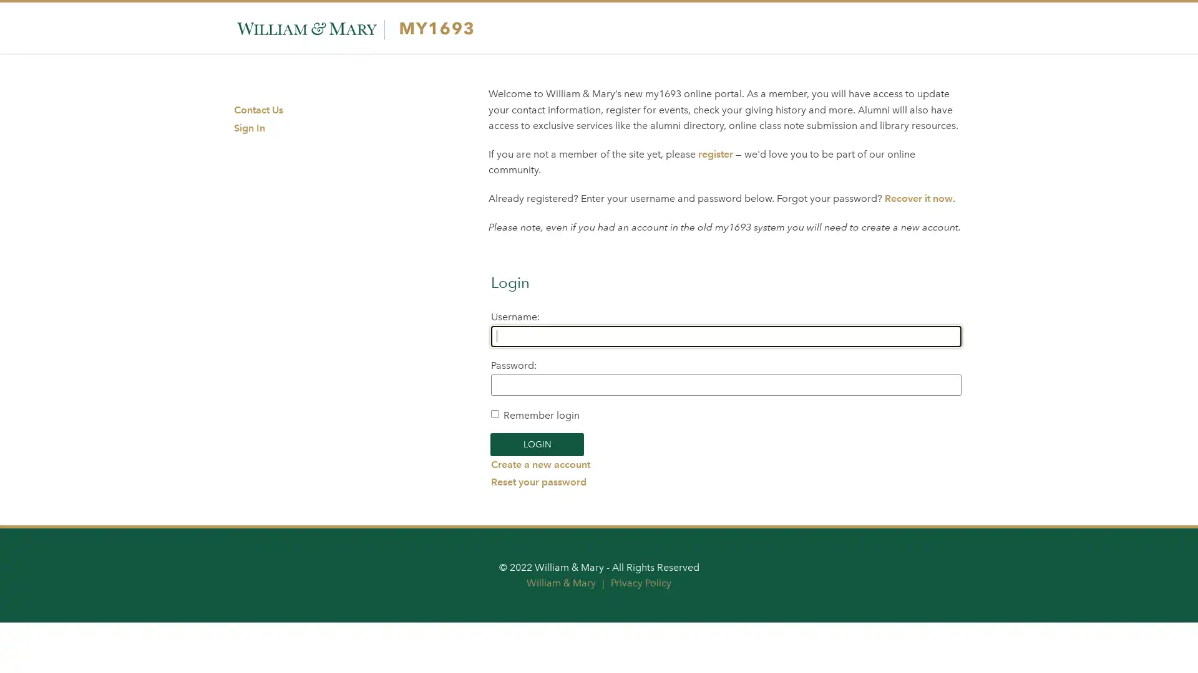 The width and height of the screenshot is (1198, 673). What do you see at coordinates (537, 444) in the screenshot?
I see `Login` at bounding box center [537, 444].